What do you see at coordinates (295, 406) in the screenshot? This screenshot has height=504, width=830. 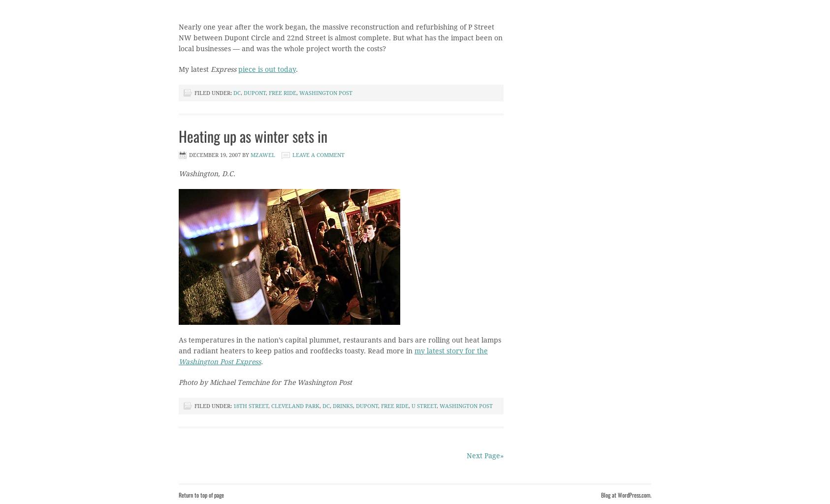 I see `'cleveland park'` at bounding box center [295, 406].